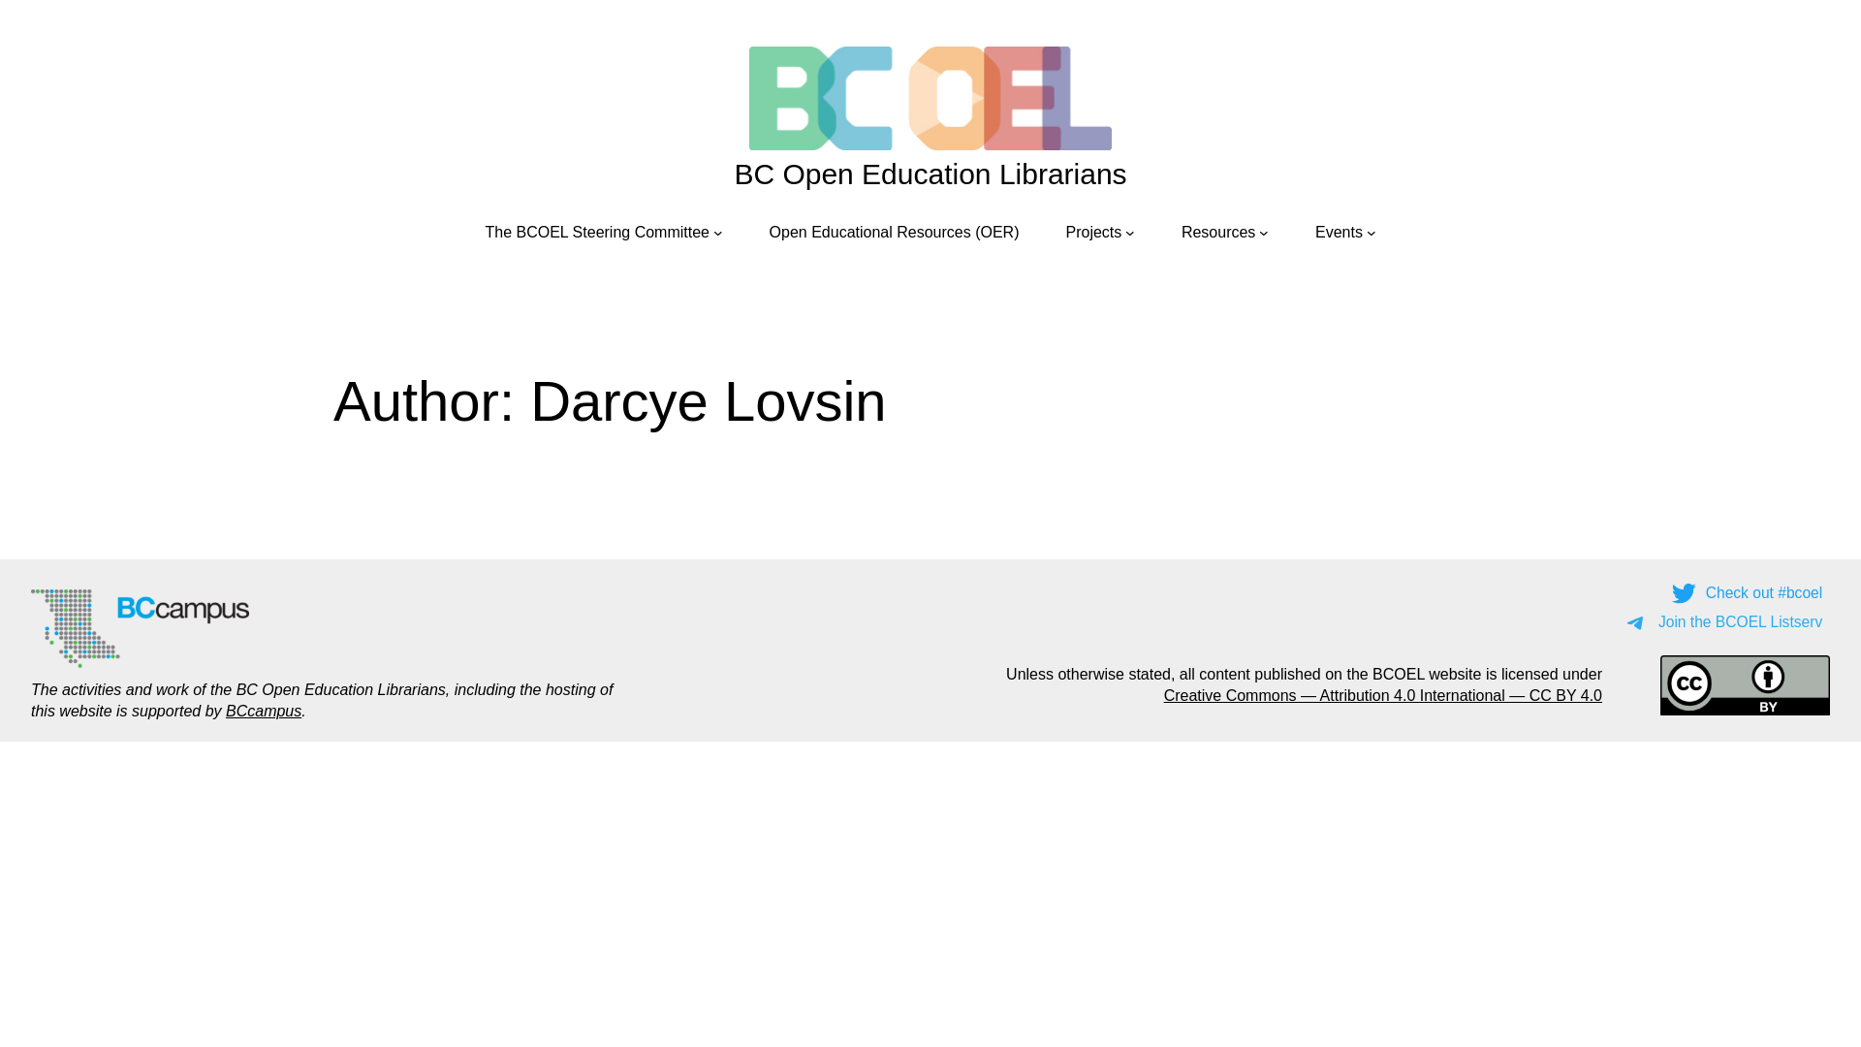 This screenshot has height=1047, width=1861. Describe the element at coordinates (1181, 231) in the screenshot. I see `'Resources'` at that location.